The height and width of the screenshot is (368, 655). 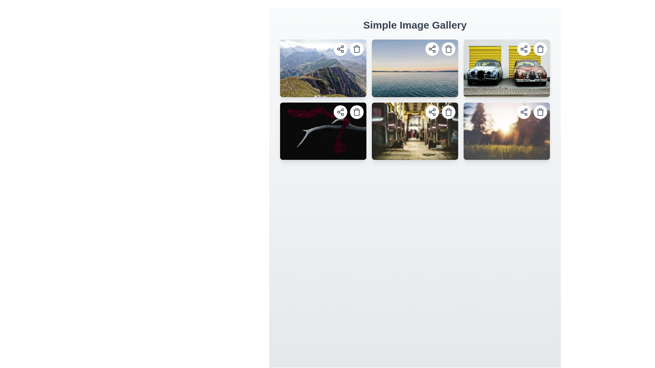 What do you see at coordinates (340, 48) in the screenshot?
I see `the sharing SVG icon located in the top-right corner of the image, which is part of a circular button with a white background and shadow` at bounding box center [340, 48].